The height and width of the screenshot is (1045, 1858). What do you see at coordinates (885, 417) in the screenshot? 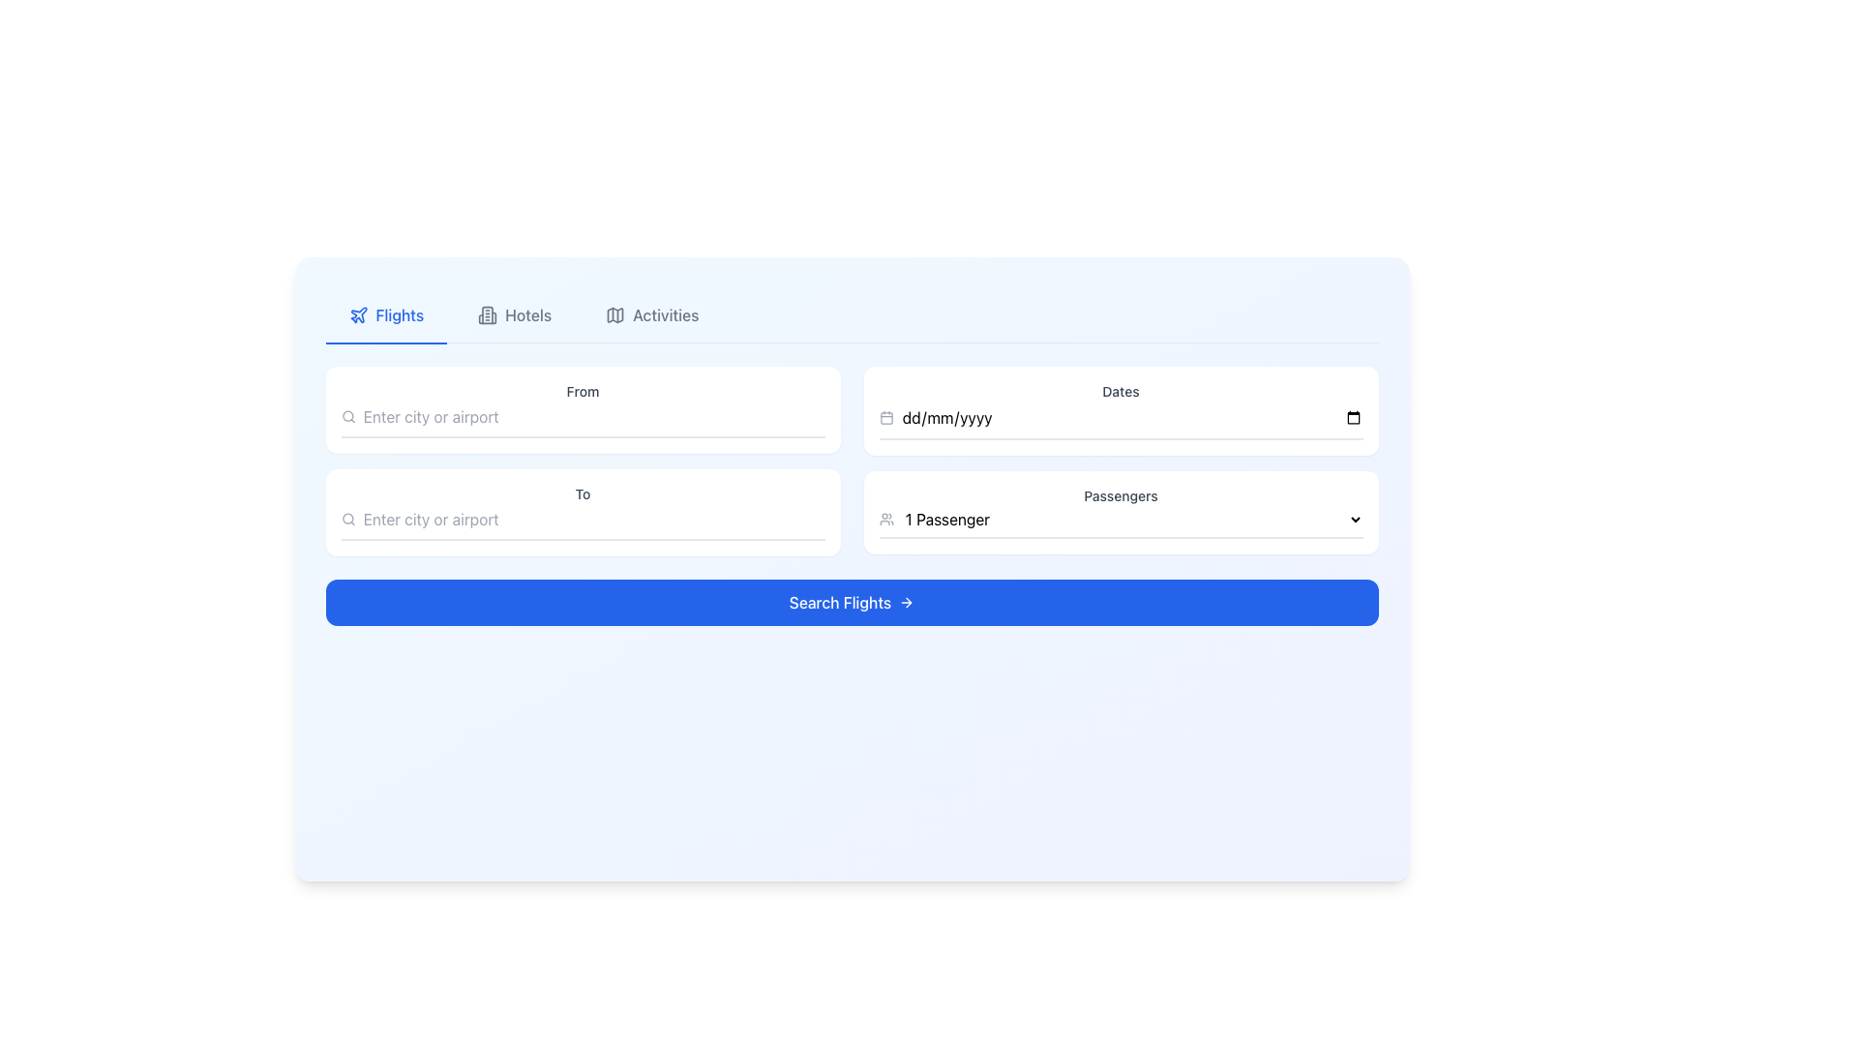
I see `the calendar icon located adjacent to the 'dd/mm/yyyy' text placeholder in the 'Dates' input field at the top-right section of the form interface` at bounding box center [885, 417].